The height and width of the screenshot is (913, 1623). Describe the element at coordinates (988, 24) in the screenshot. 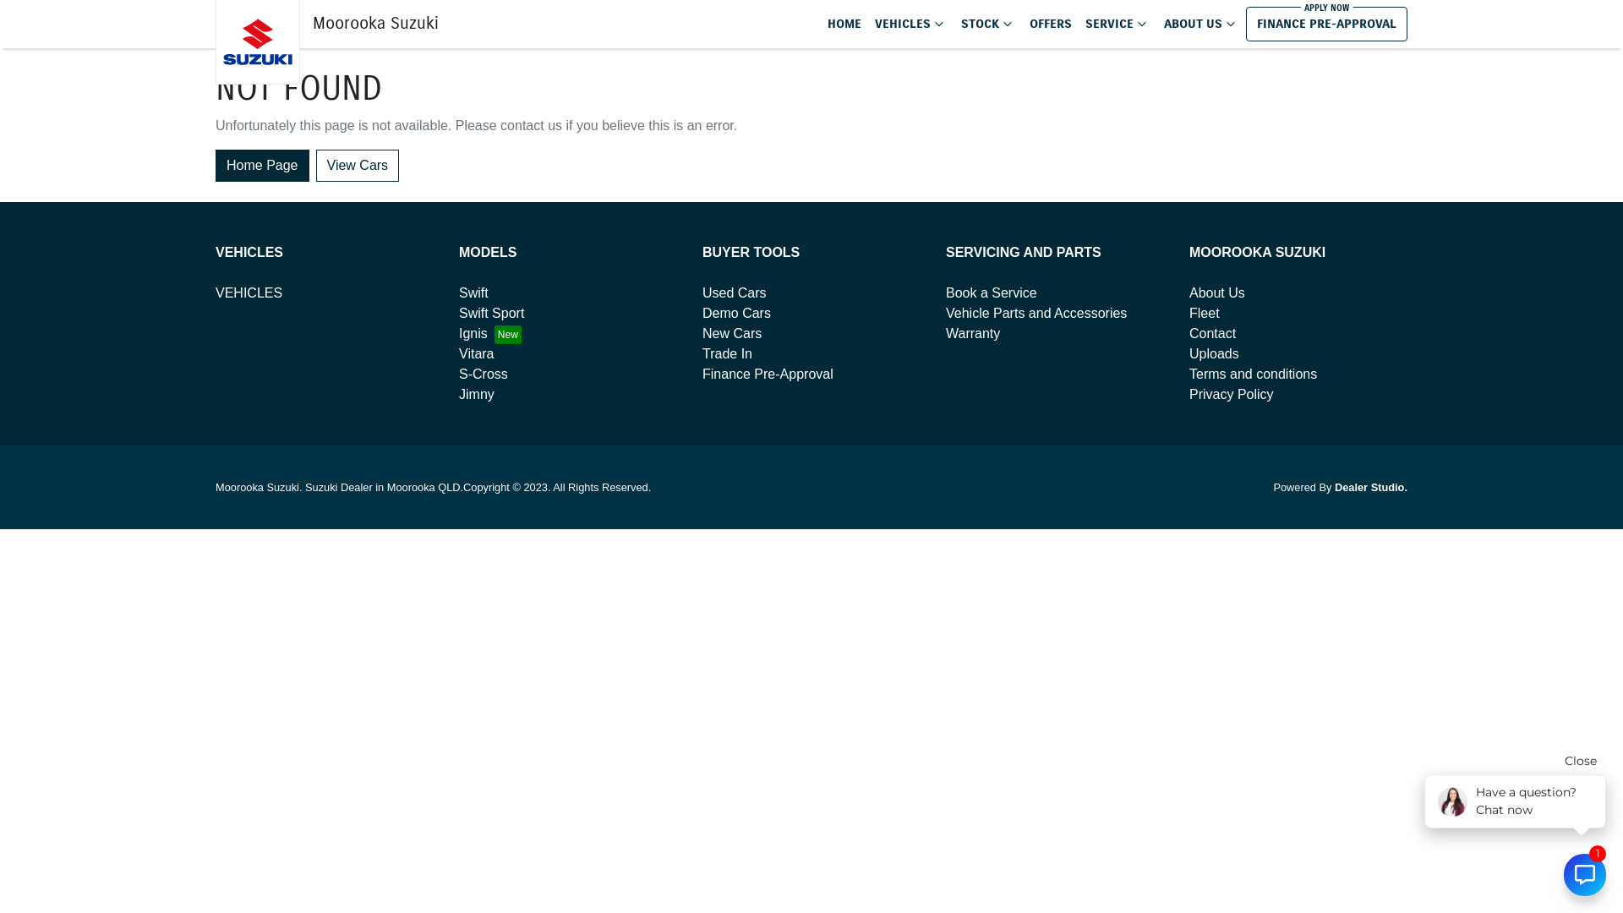

I see `'STOCK'` at that location.